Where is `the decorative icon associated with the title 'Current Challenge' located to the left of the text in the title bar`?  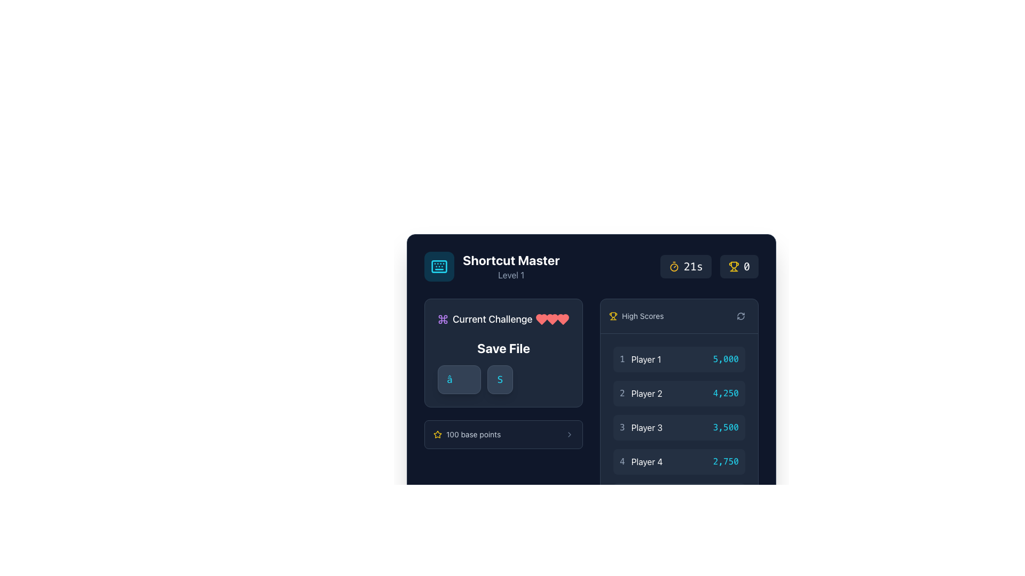
the decorative icon associated with the title 'Current Challenge' located to the left of the text in the title bar is located at coordinates (443, 318).